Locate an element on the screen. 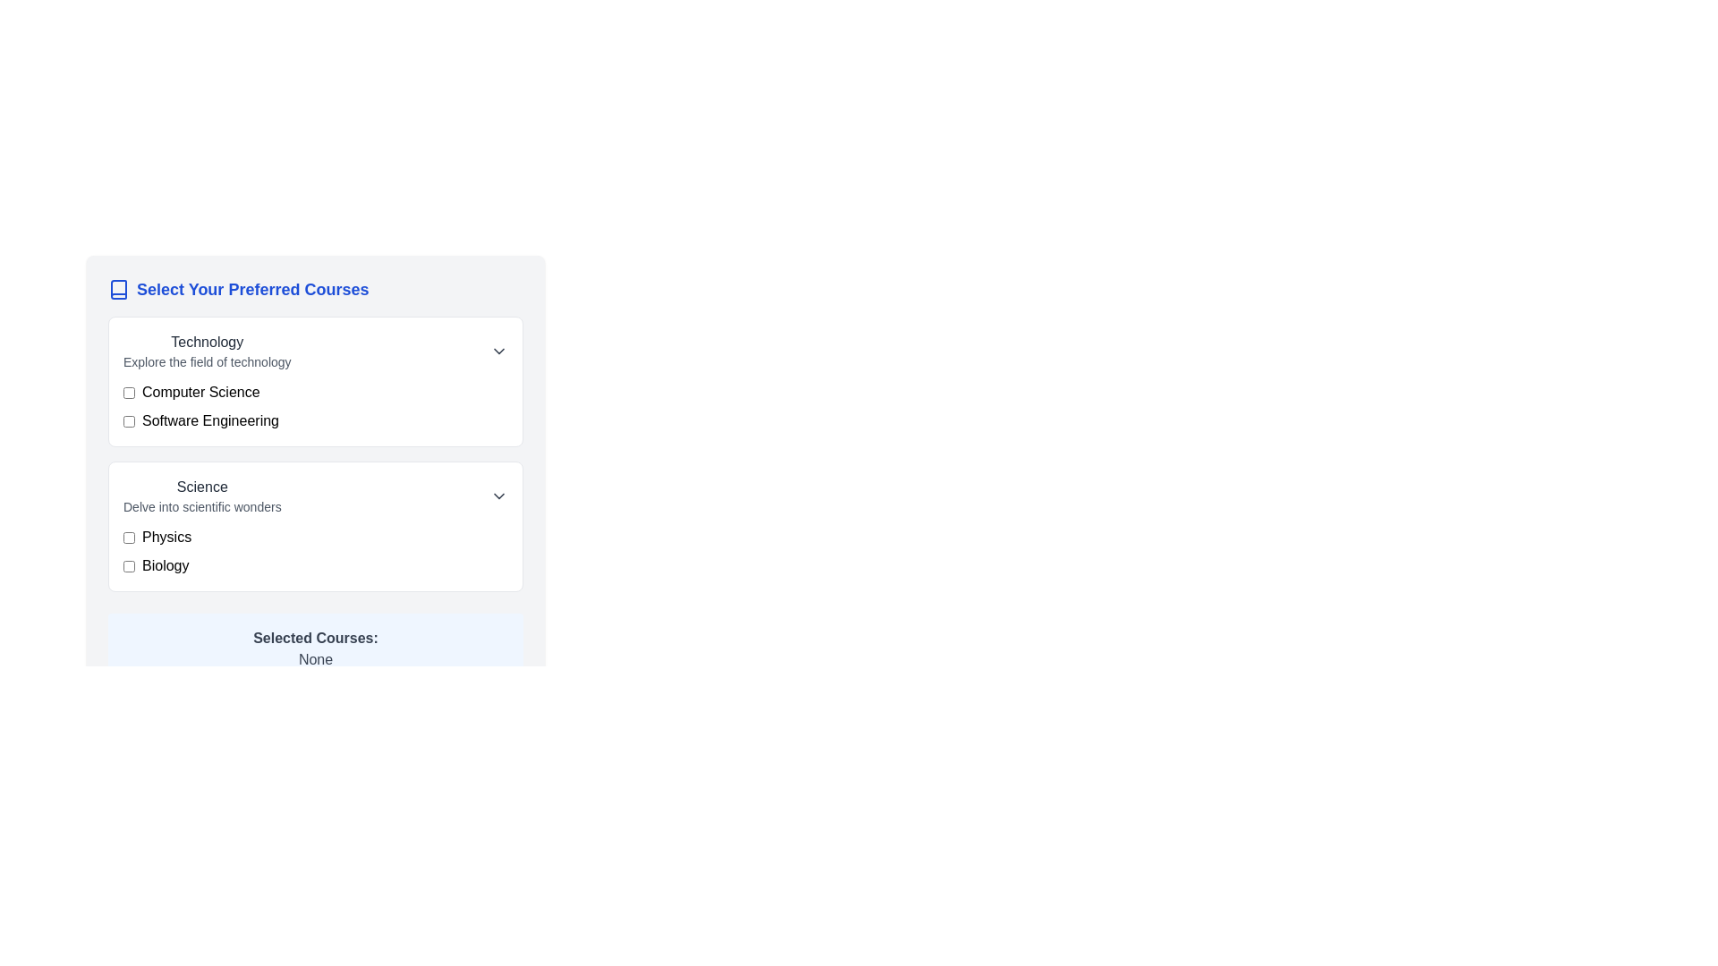  the checkbox next to 'Biology' in the collapsible 'Science' section located in the 'Select Your Preferred Courses' panel is located at coordinates (316, 526).